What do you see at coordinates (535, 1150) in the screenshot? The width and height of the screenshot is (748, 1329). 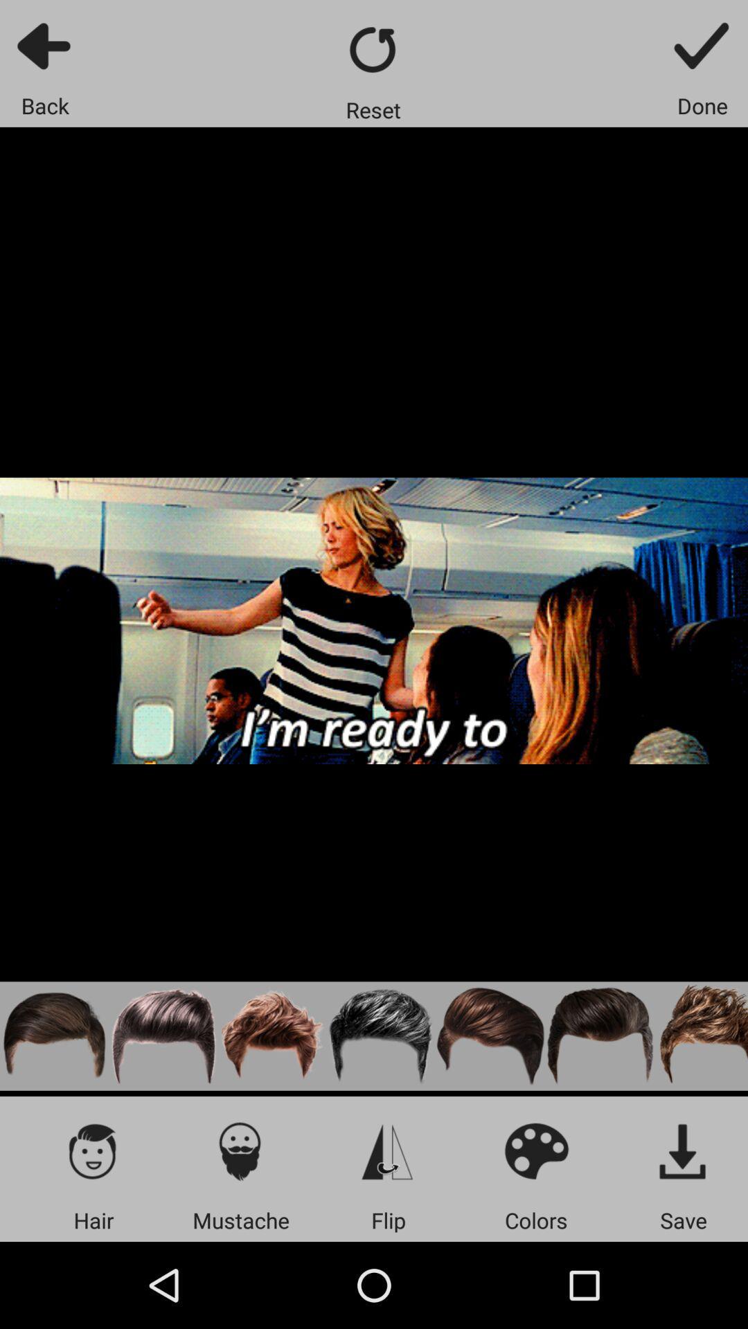 I see `the emoji icon` at bounding box center [535, 1150].